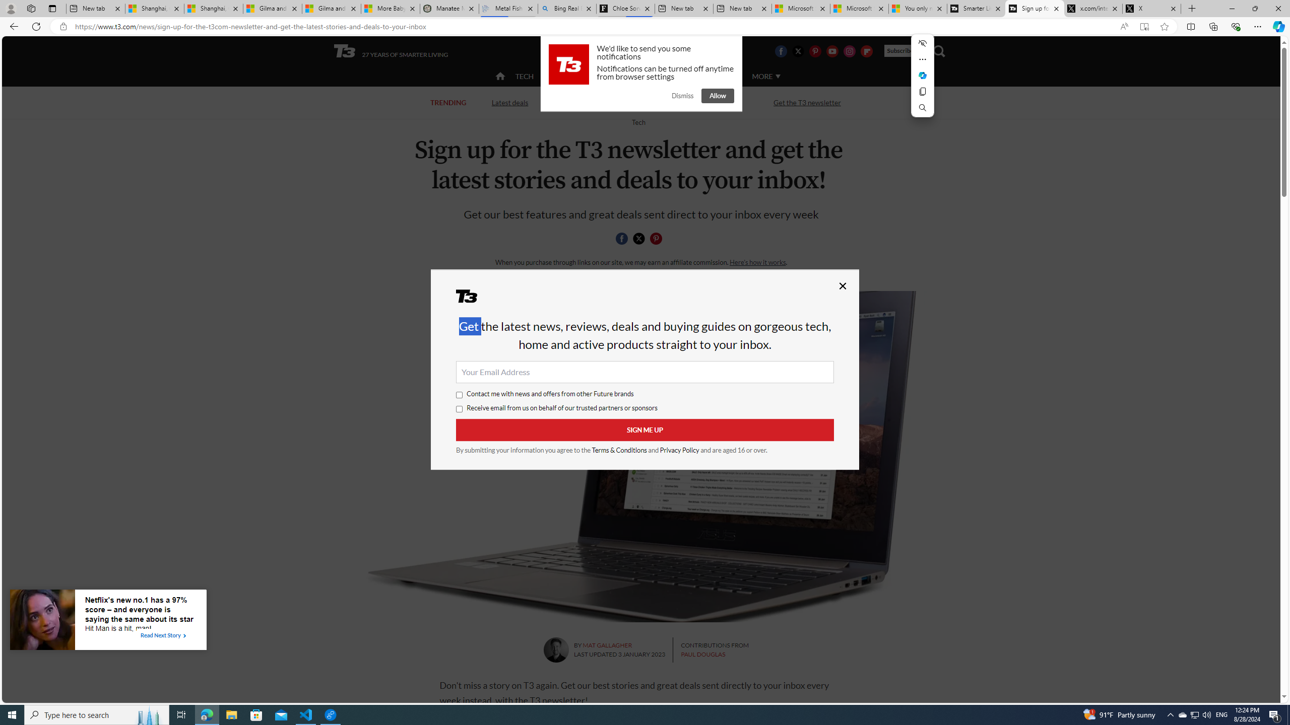  What do you see at coordinates (698, 102) in the screenshot?
I see `'Streaming TV and movies'` at bounding box center [698, 102].